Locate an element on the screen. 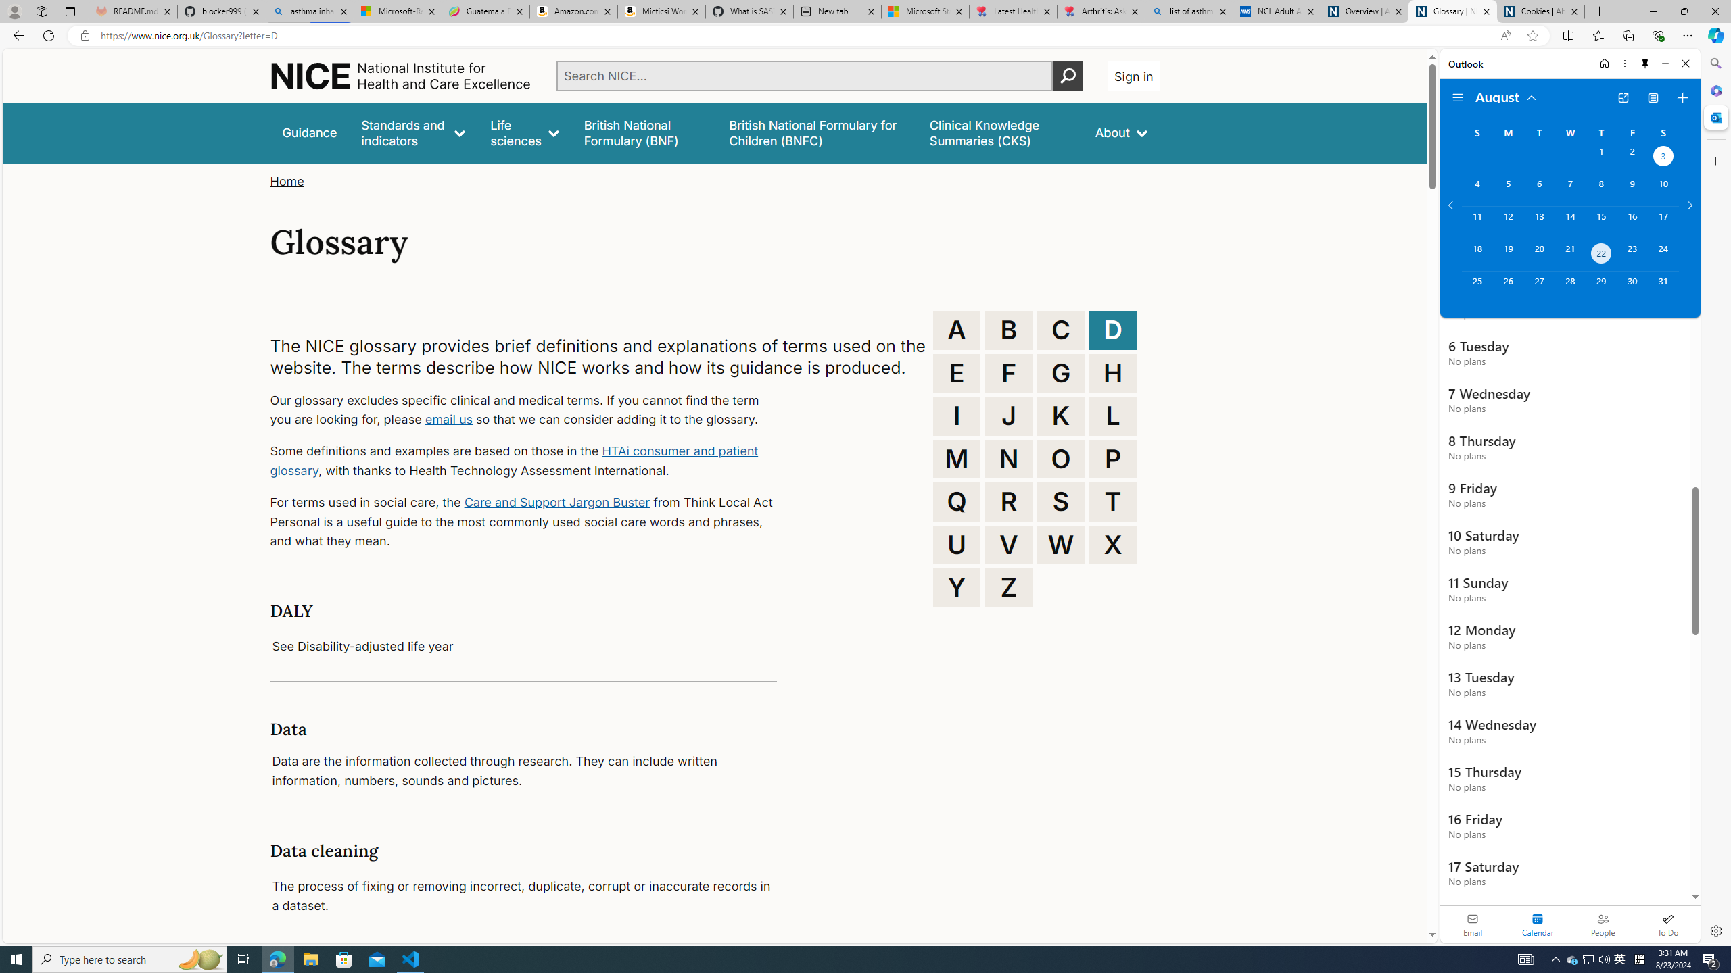 The height and width of the screenshot is (973, 1731). 'People' is located at coordinates (1602, 924).